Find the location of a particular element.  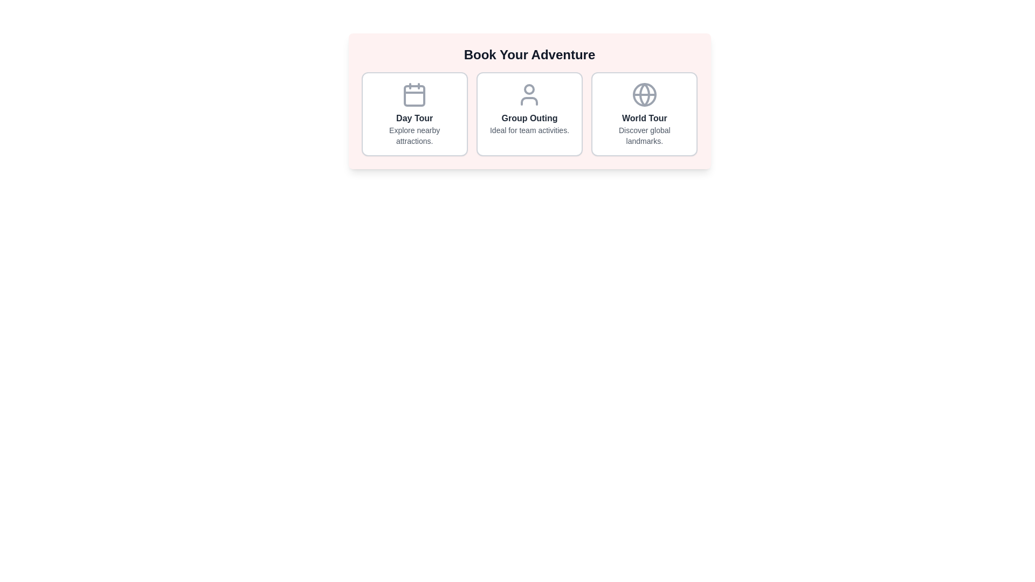

the text display that says 'Explore nearby attractions.' which is styled in a smaller gray font and located below the 'Day Tour' heading is located at coordinates (414, 135).